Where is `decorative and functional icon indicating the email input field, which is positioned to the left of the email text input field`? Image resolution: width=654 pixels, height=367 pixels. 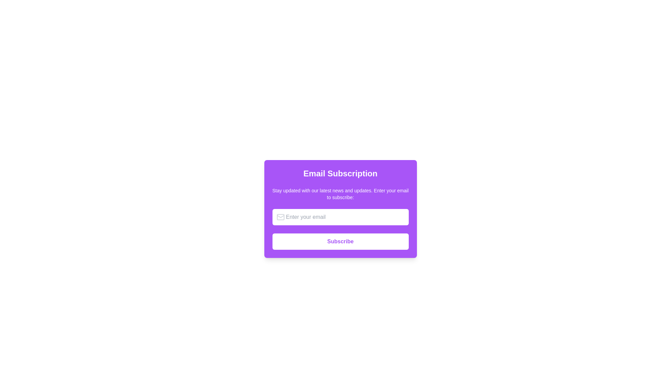
decorative and functional icon indicating the email input field, which is positioned to the left of the email text input field is located at coordinates (280, 217).